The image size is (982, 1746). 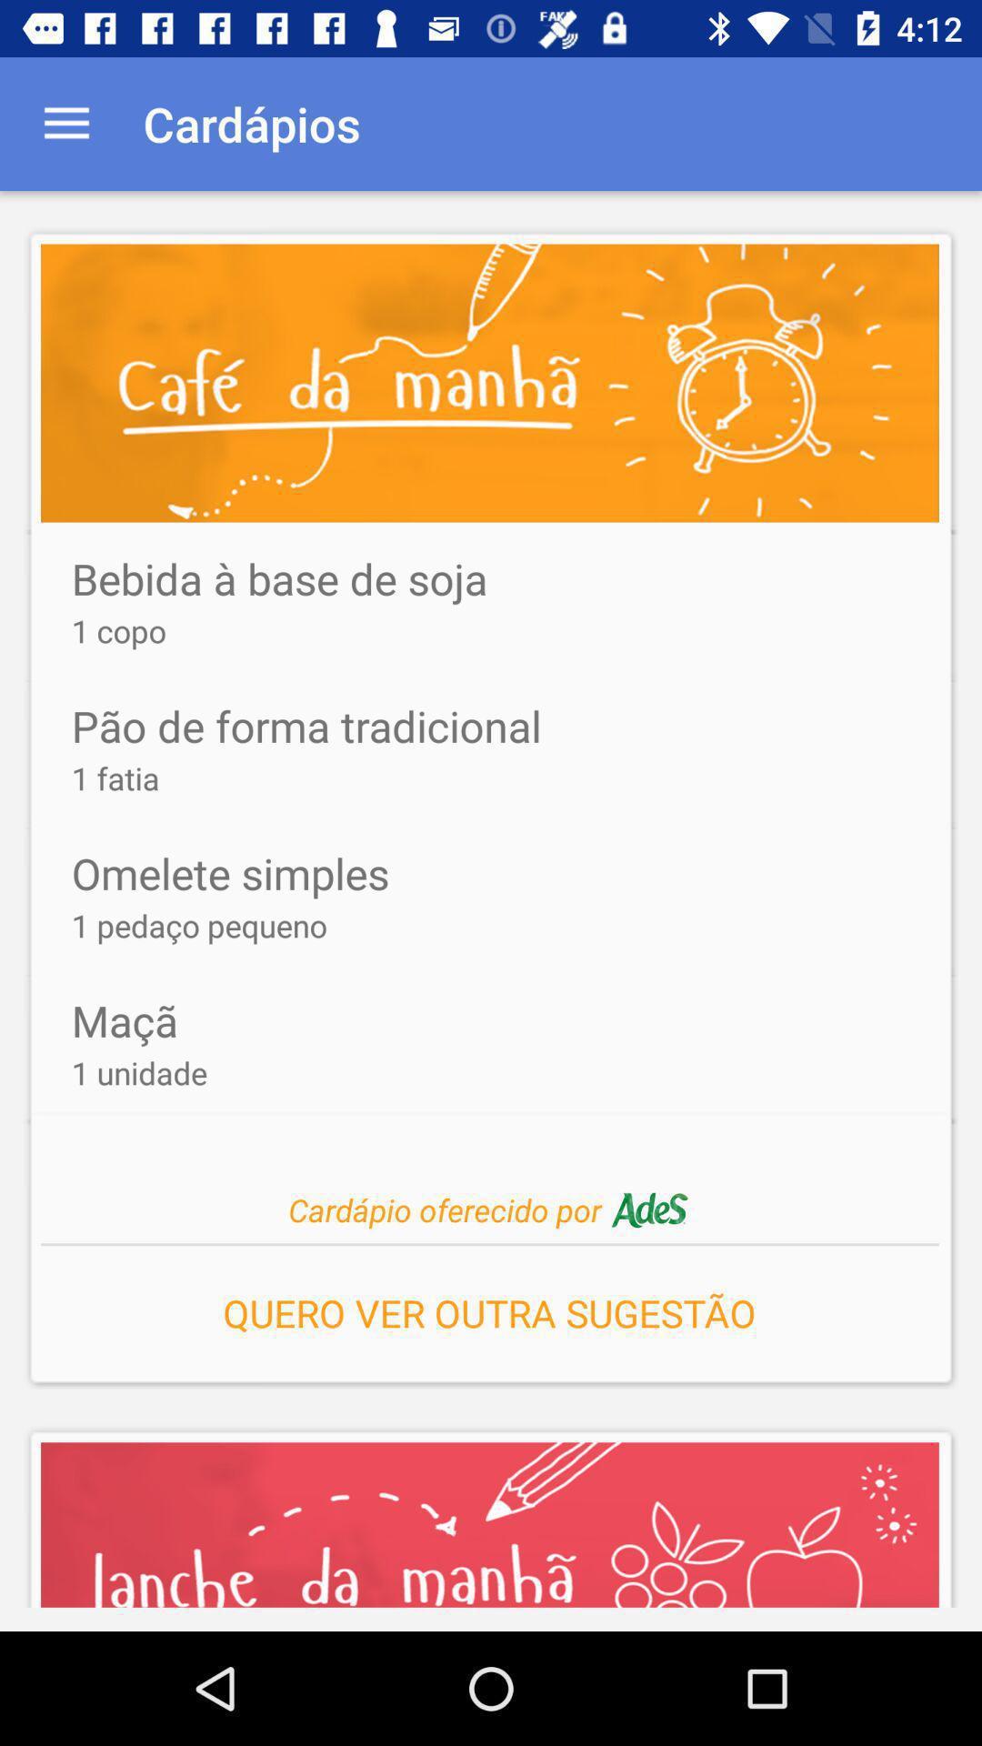 I want to click on the image, so click(x=489, y=383).